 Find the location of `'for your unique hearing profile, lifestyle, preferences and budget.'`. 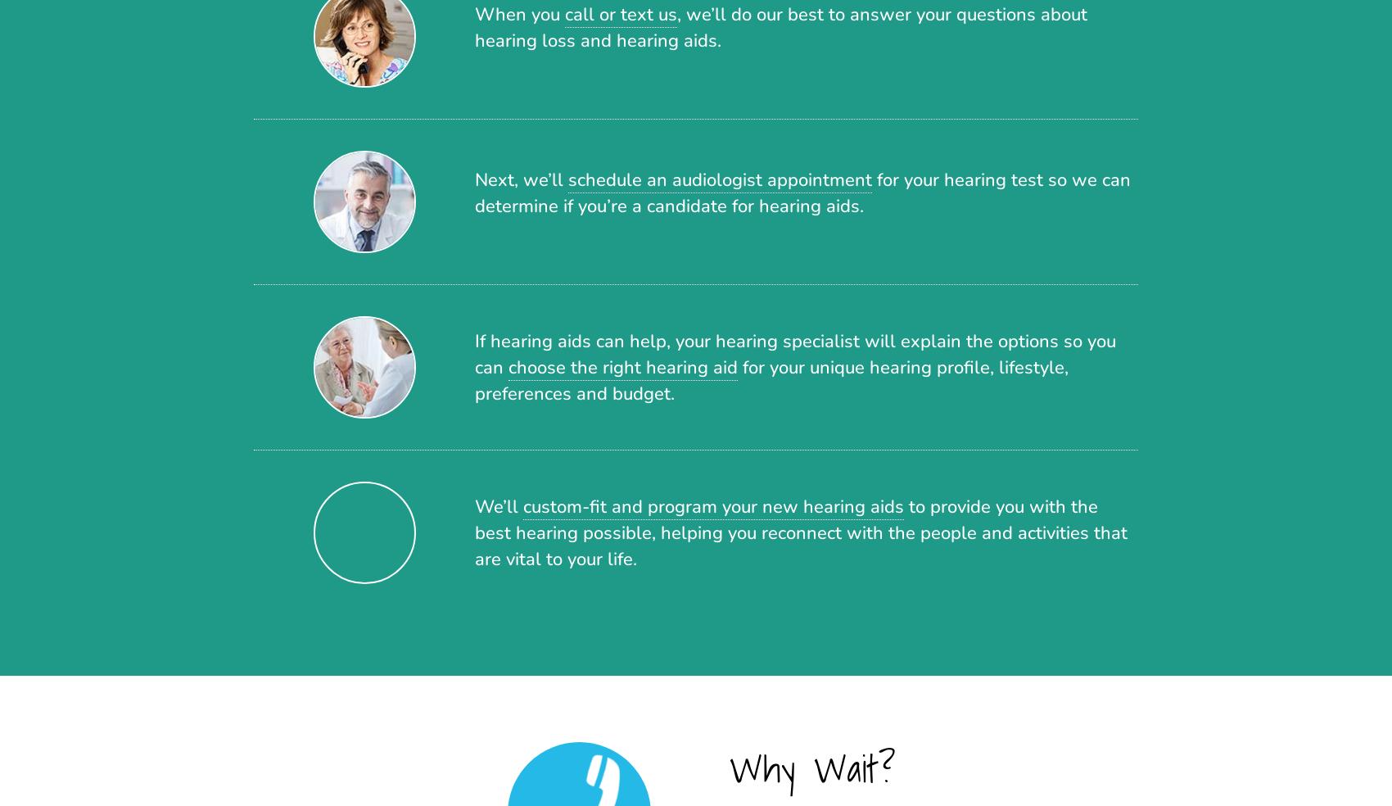

'for your unique hearing profile, lifestyle, preferences and budget.' is located at coordinates (771, 380).